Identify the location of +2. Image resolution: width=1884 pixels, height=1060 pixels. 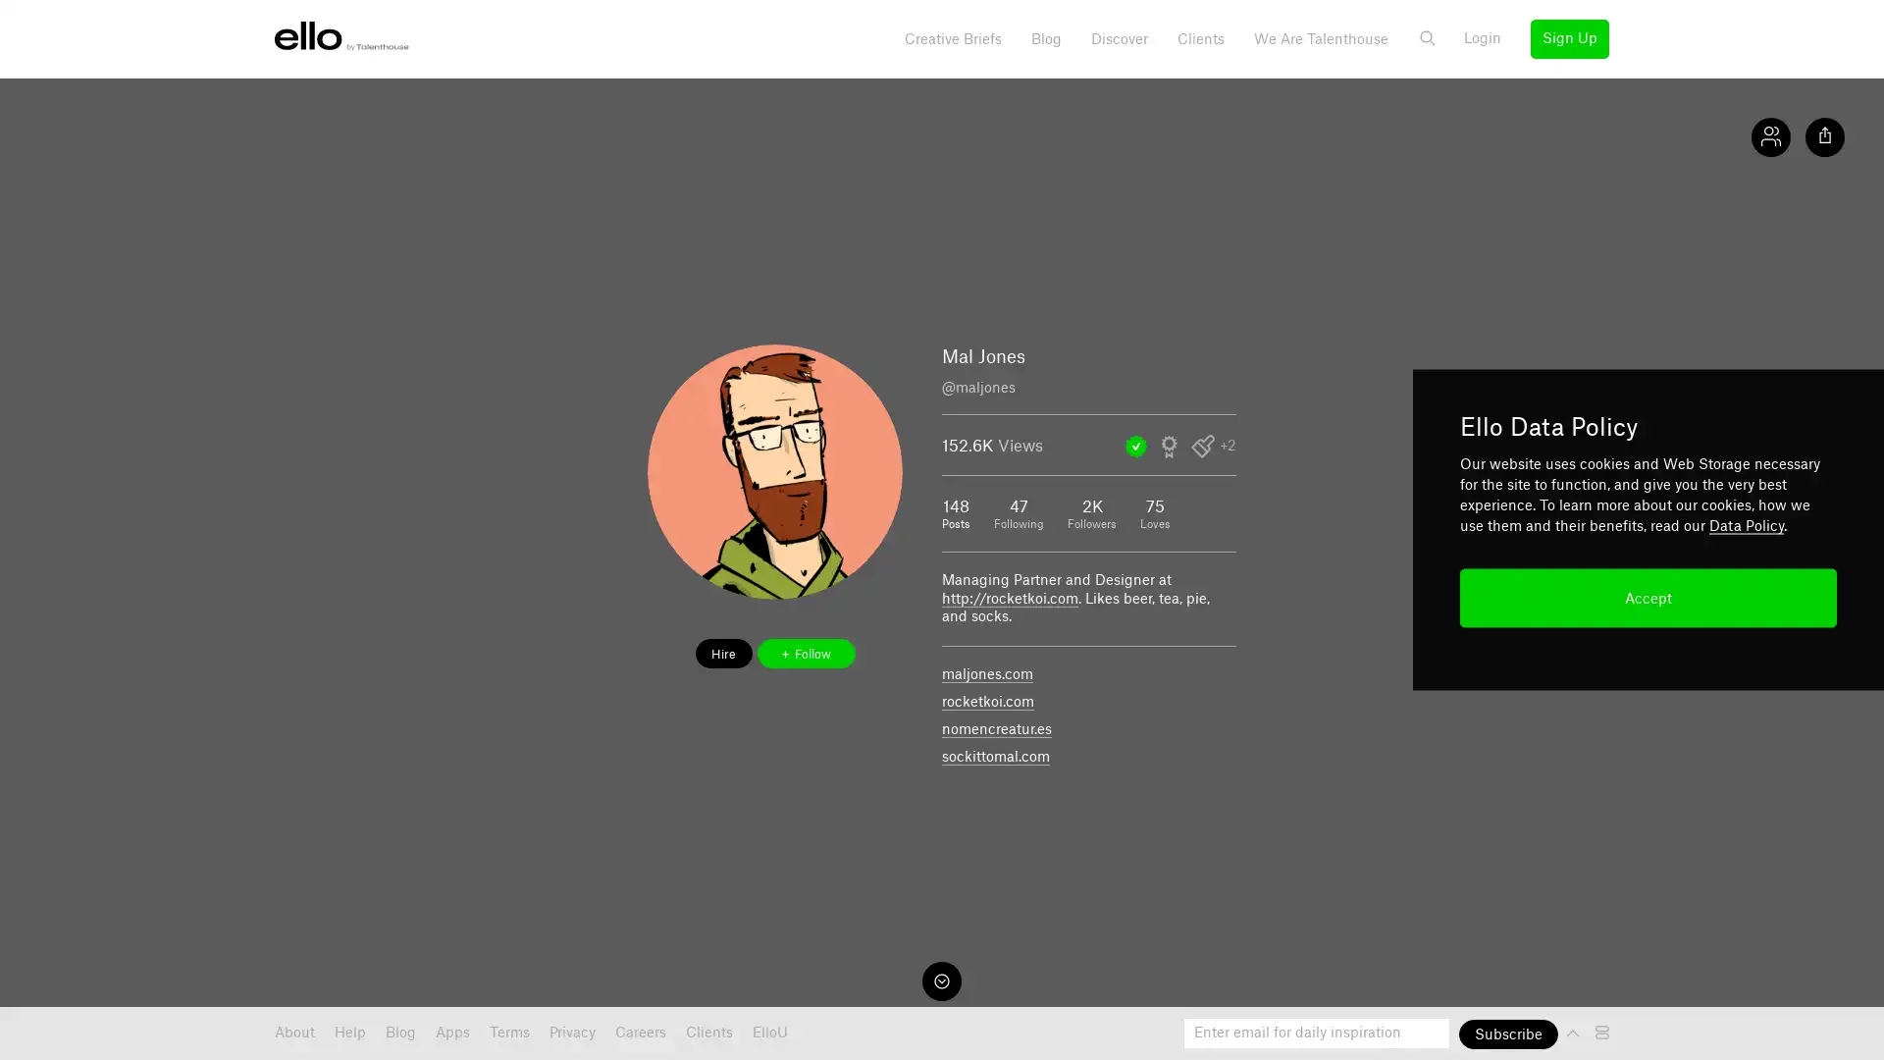
(1227, 447).